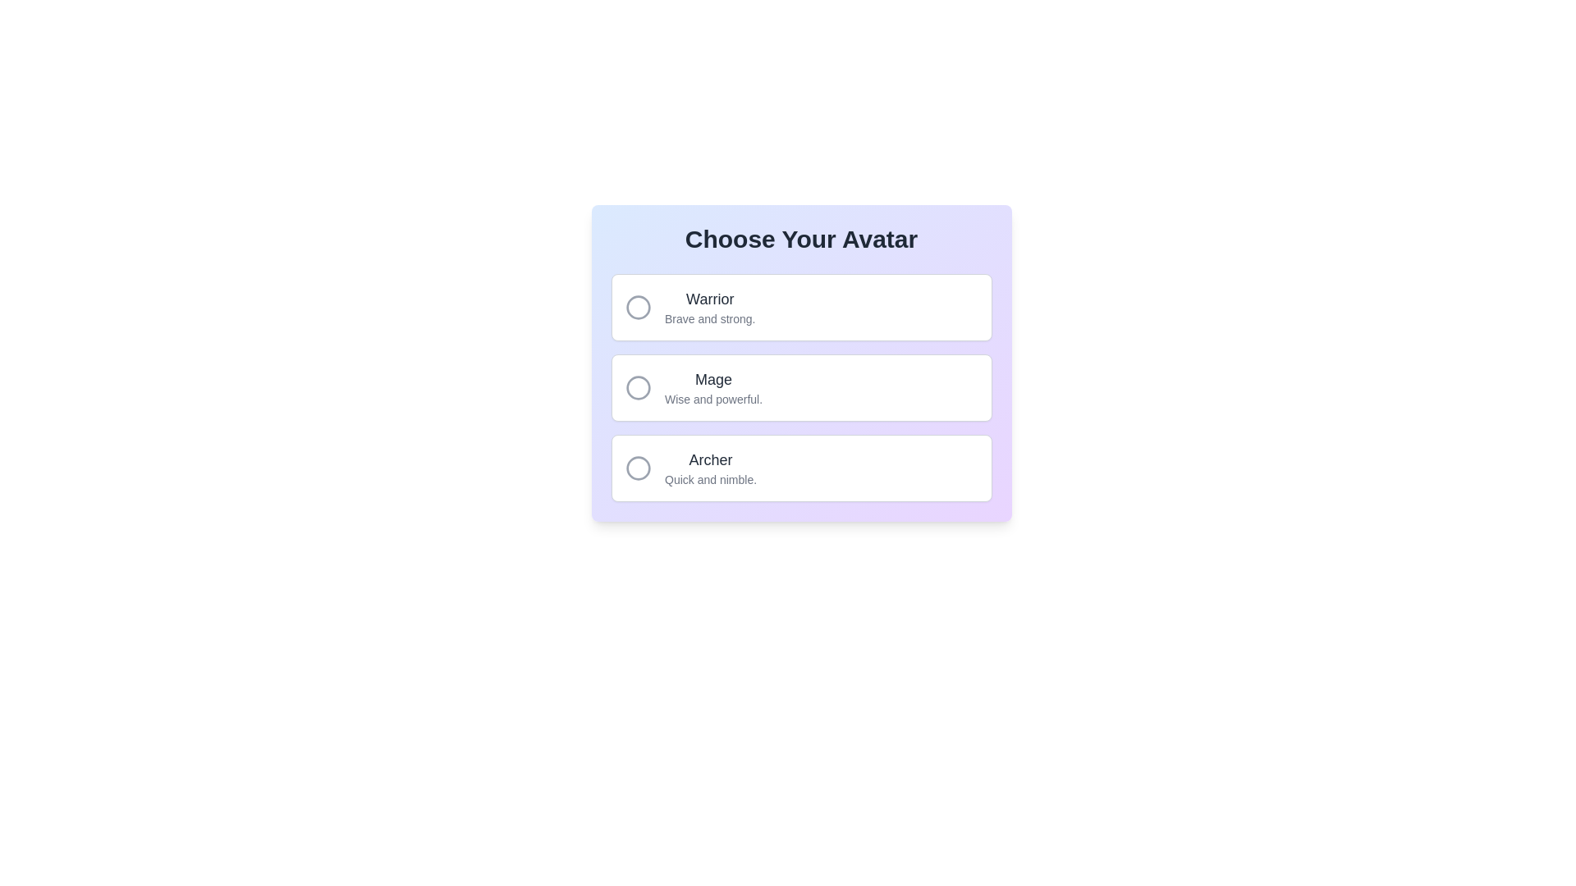  I want to click on the Decorative Icon, which is a circular shape with a gray outline positioned next to the 'Warrior' label, so click(637, 307).